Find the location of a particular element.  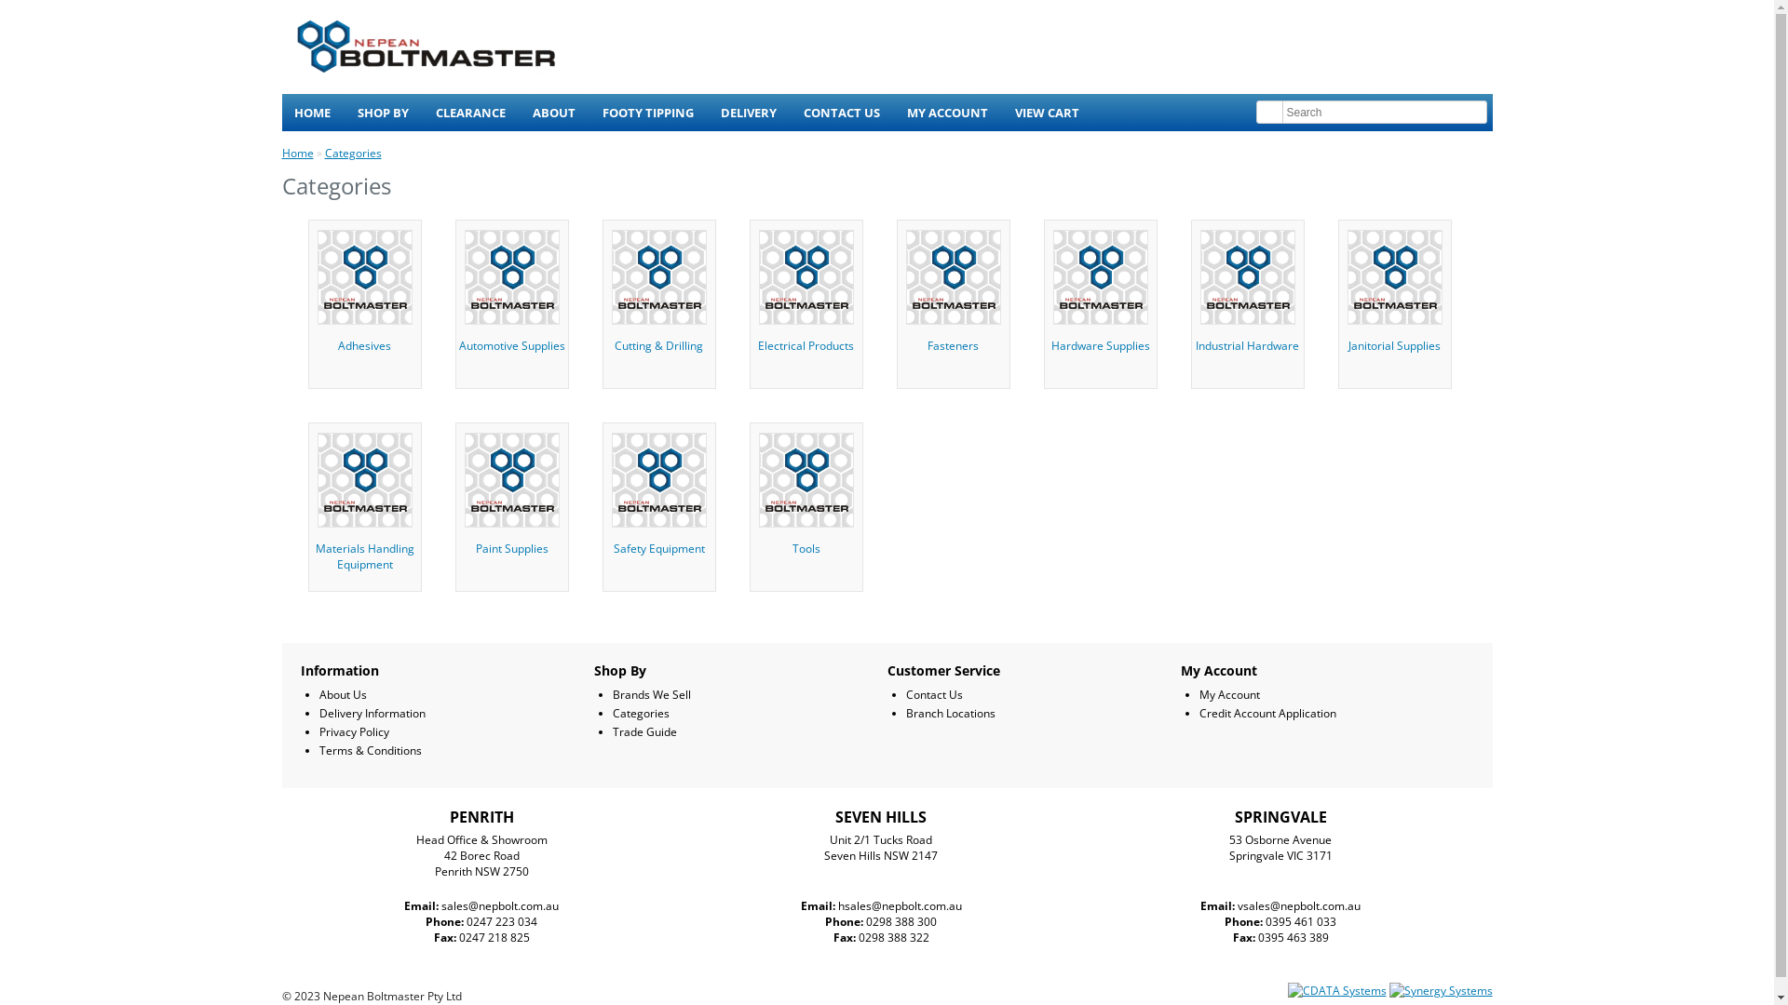

'Industrial Hardware' is located at coordinates (1247, 297).